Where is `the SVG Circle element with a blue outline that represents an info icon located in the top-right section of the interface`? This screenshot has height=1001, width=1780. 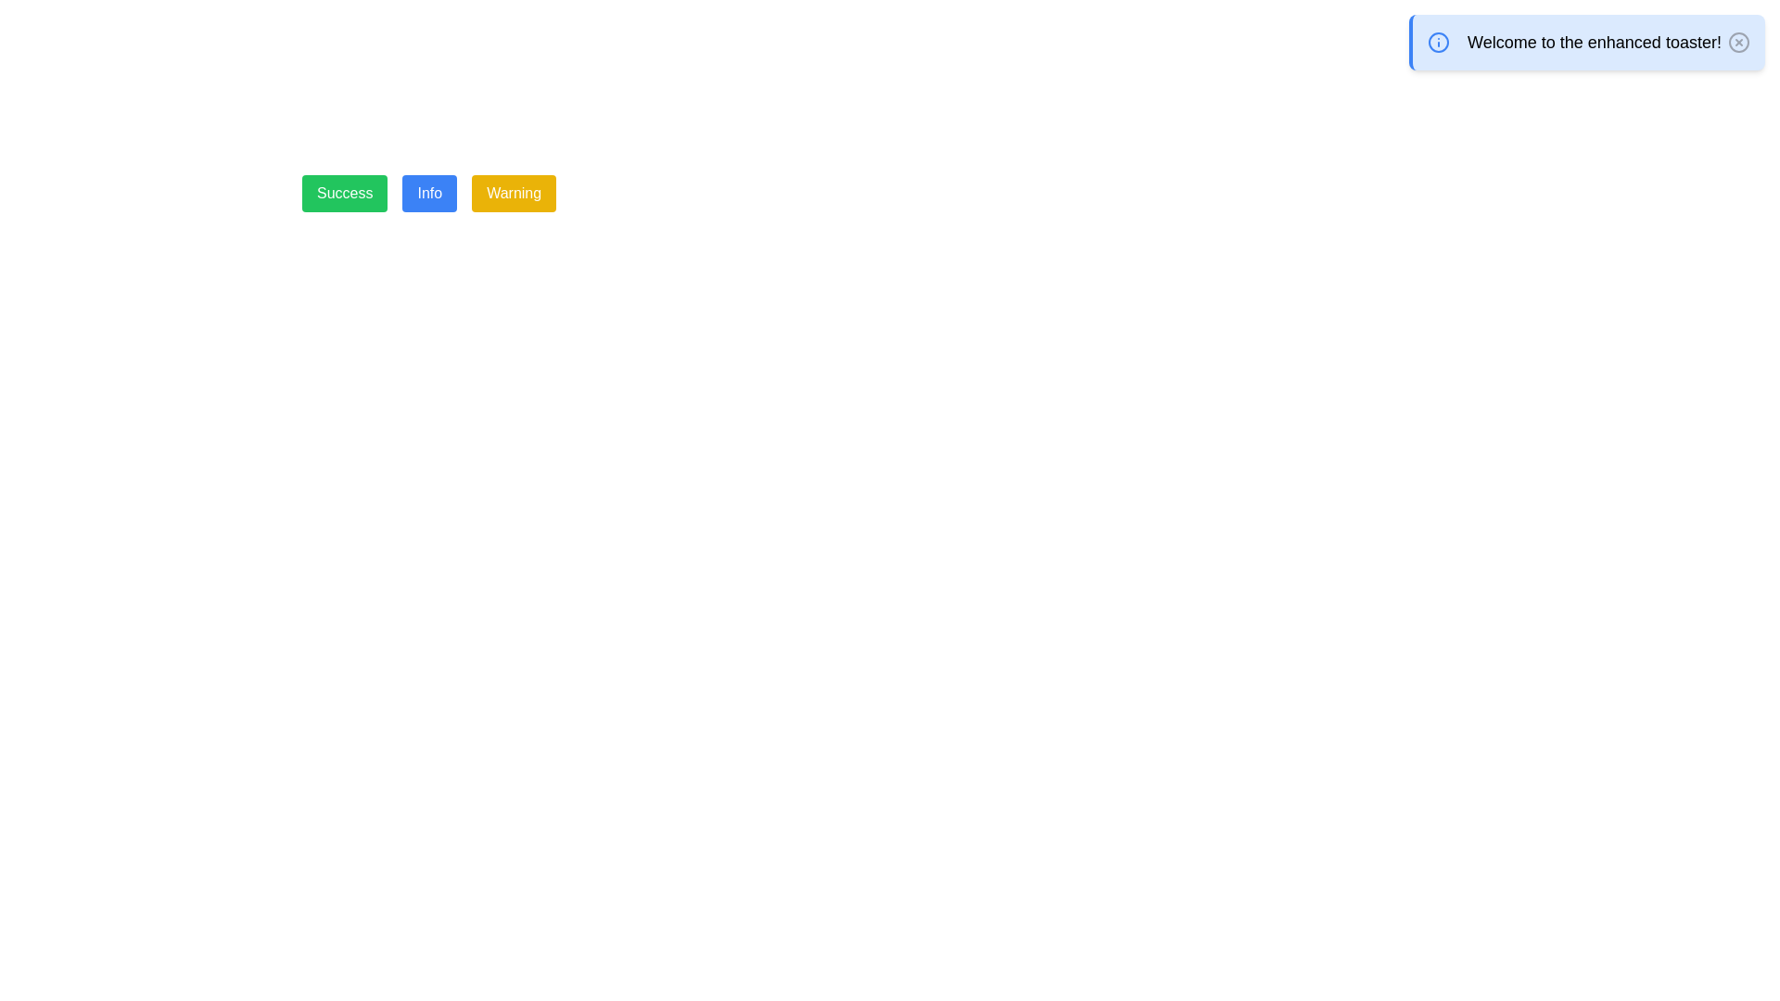
the SVG Circle element with a blue outline that represents an info icon located in the top-right section of the interface is located at coordinates (1437, 42).